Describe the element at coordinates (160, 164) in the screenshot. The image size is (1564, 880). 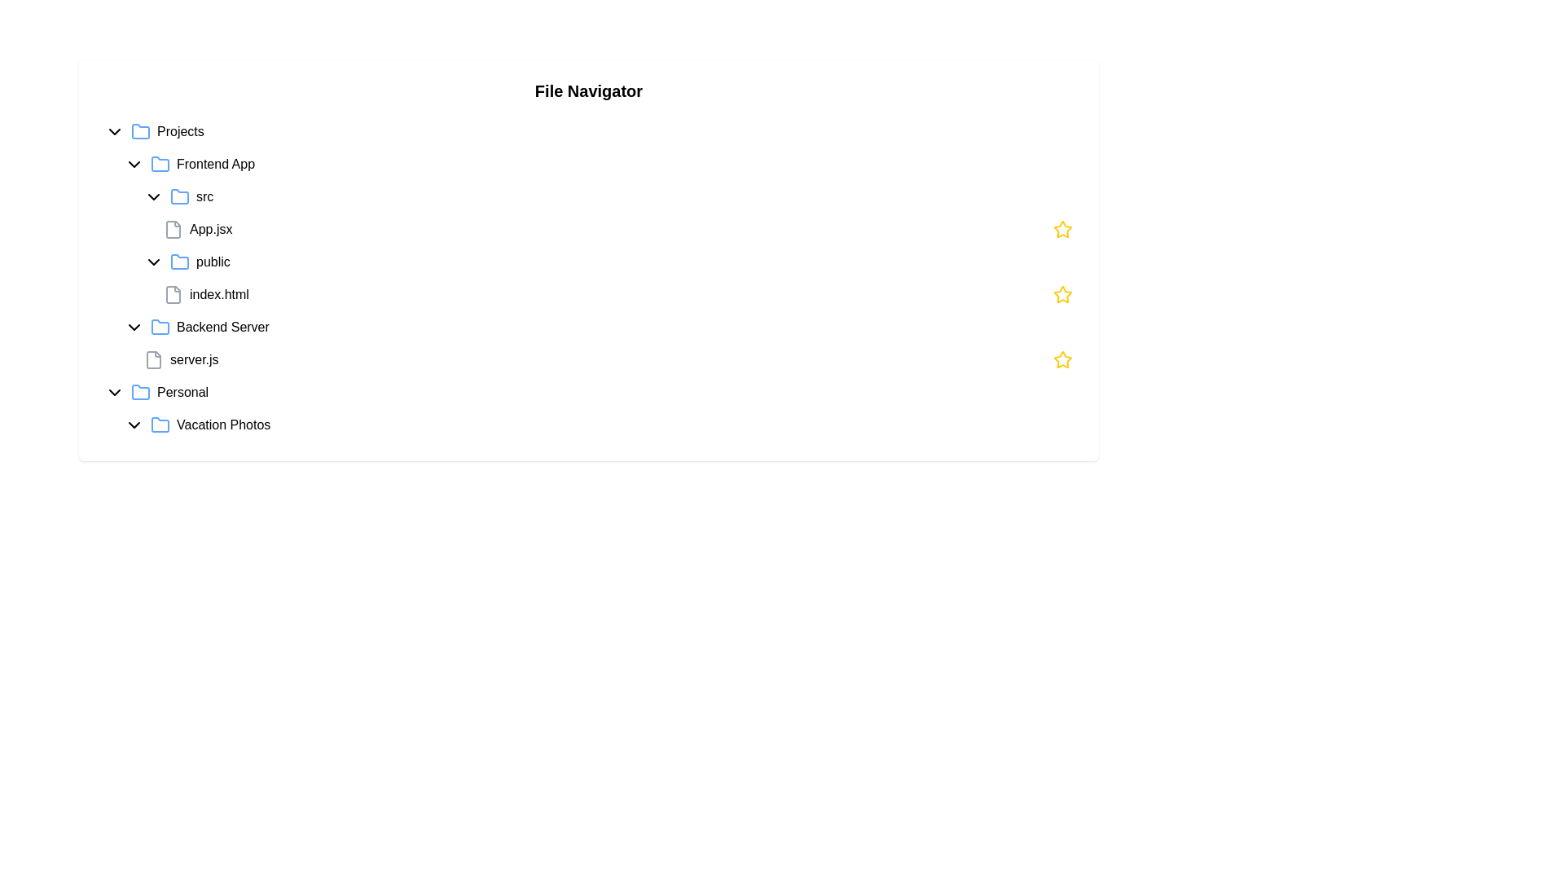
I see `the folder icon located to the left of the text label 'Frontend App'` at that location.